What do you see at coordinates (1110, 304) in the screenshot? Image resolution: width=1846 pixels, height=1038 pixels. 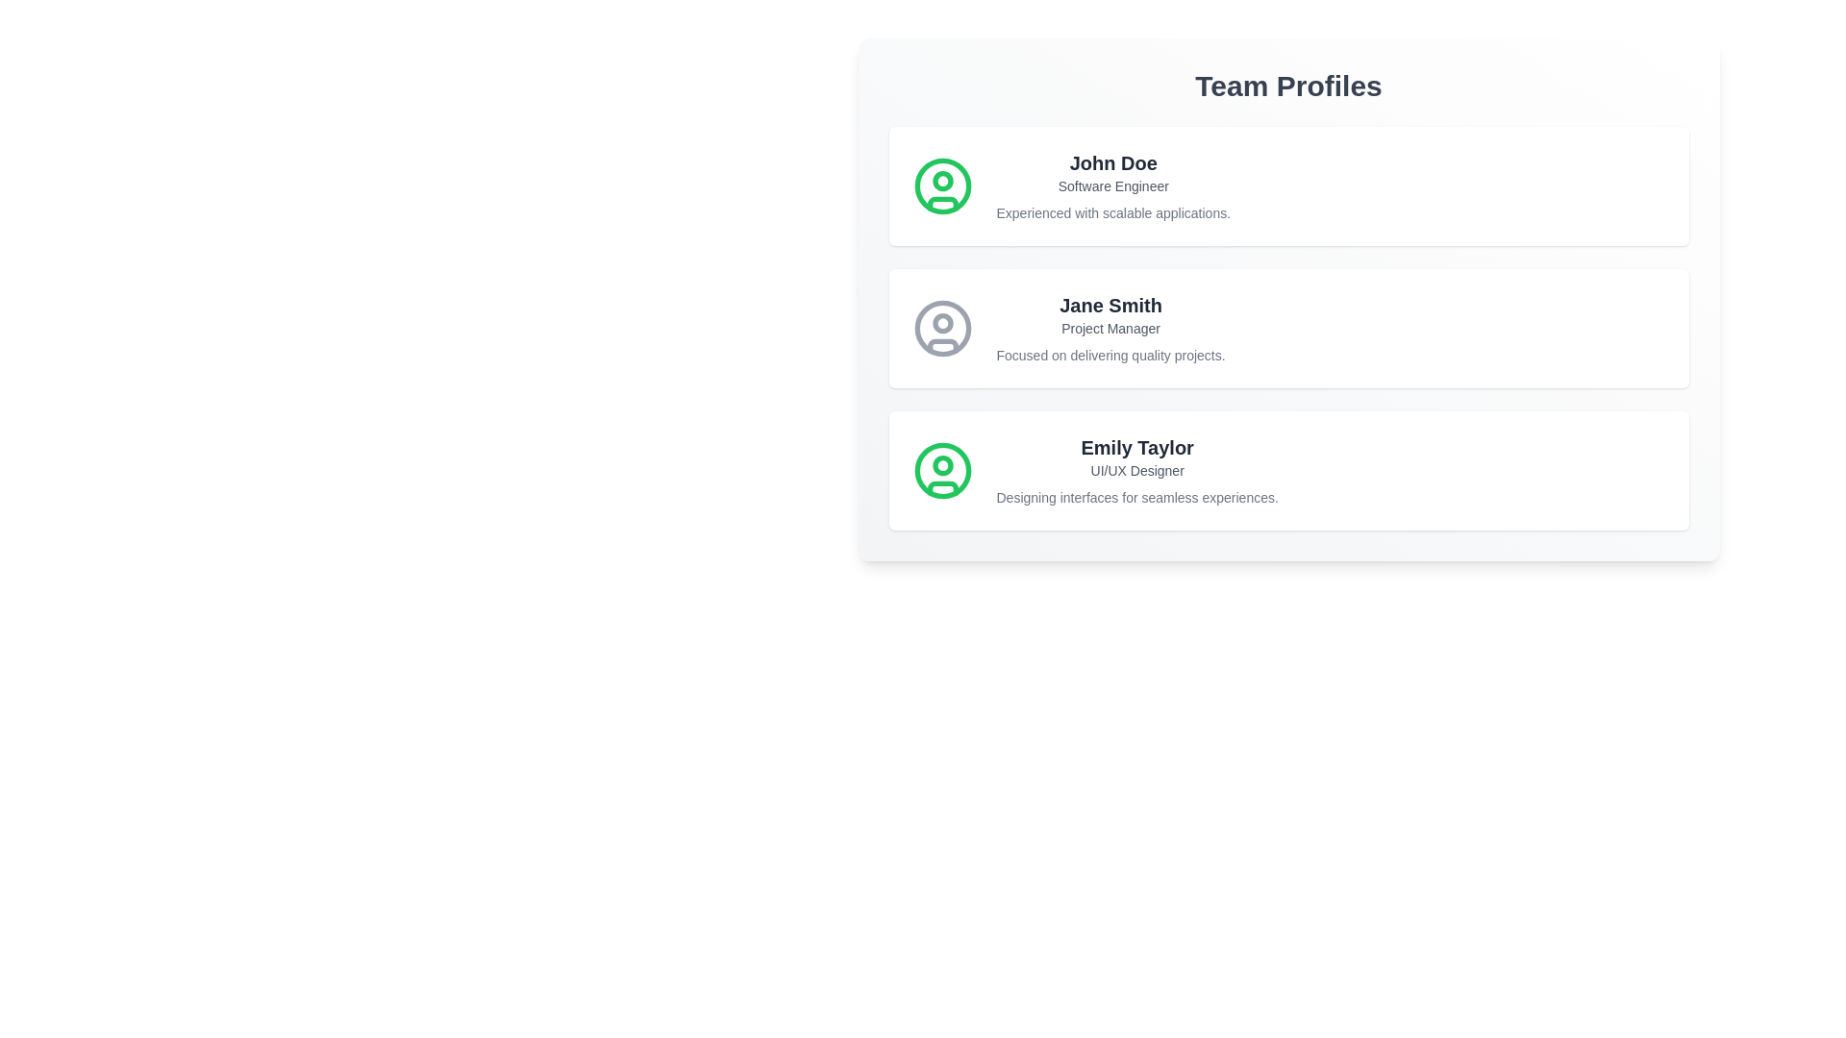 I see `the profile name Jane Smith to select the text` at bounding box center [1110, 304].